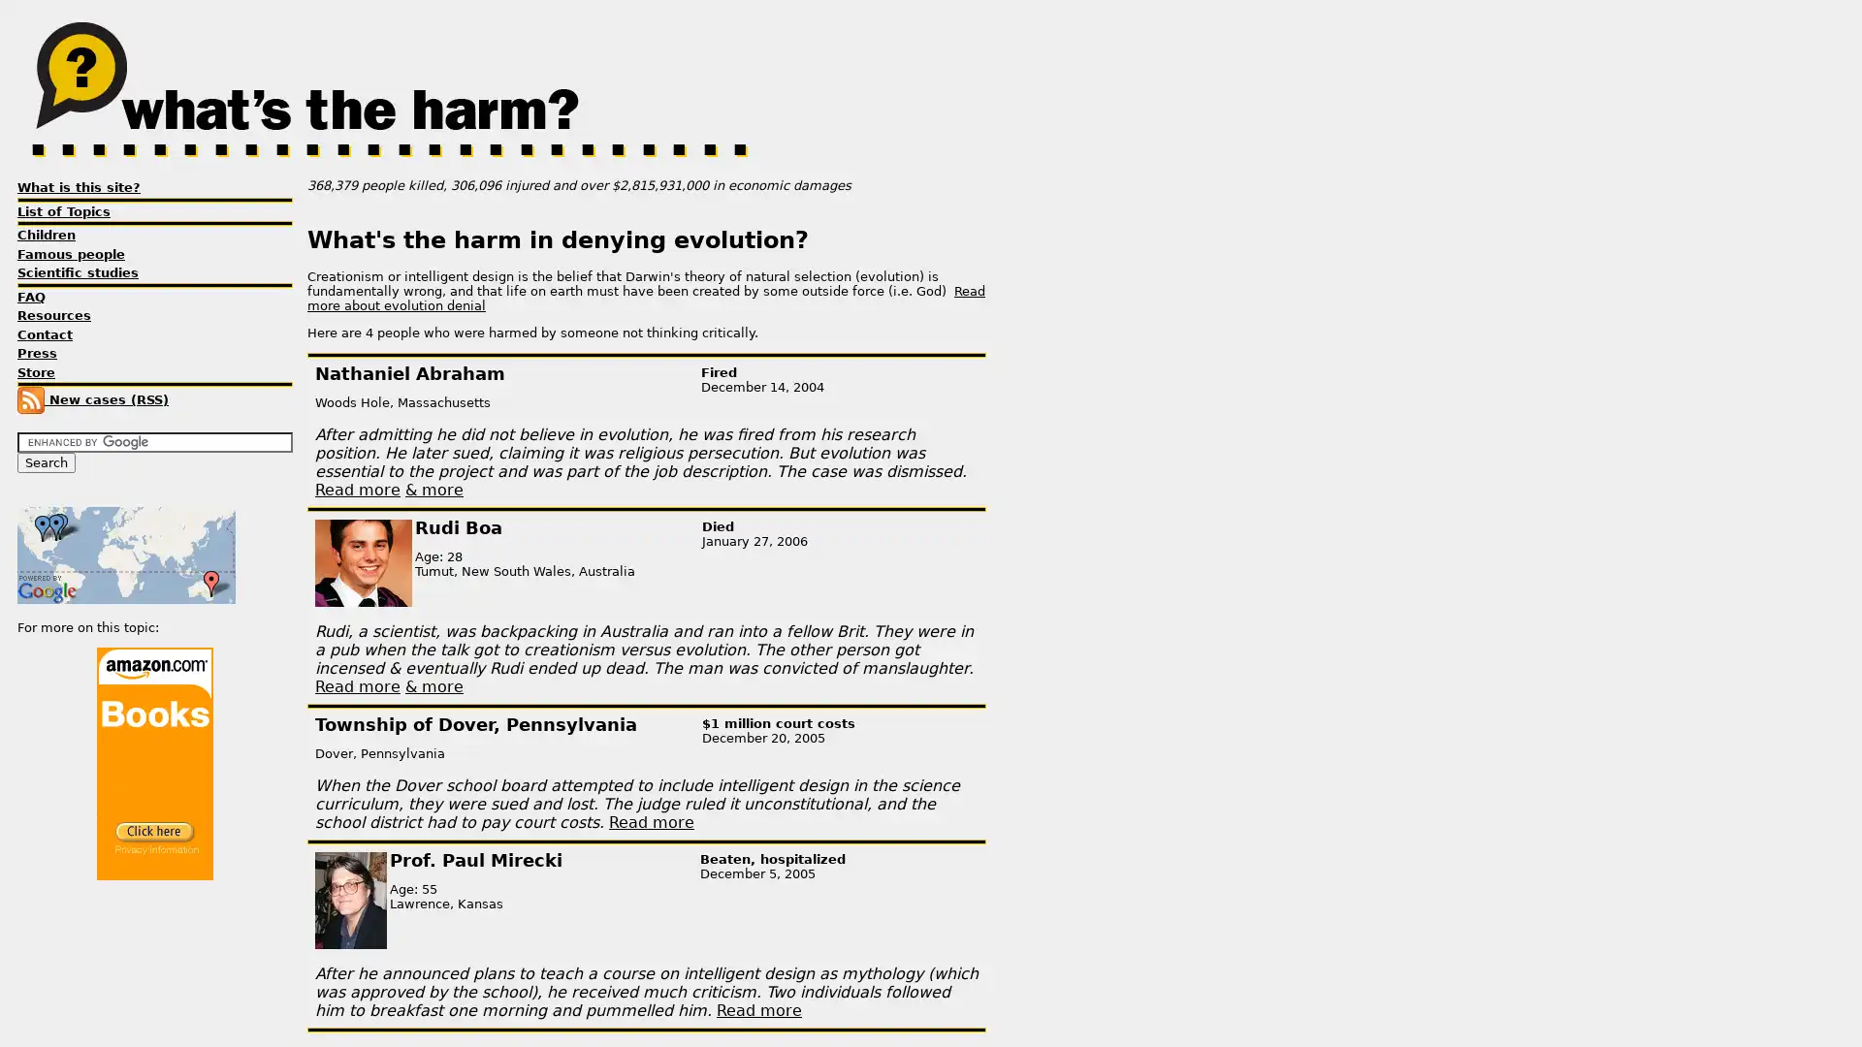 Image resolution: width=1862 pixels, height=1047 pixels. Describe the element at coordinates (47, 462) in the screenshot. I see `Search` at that location.